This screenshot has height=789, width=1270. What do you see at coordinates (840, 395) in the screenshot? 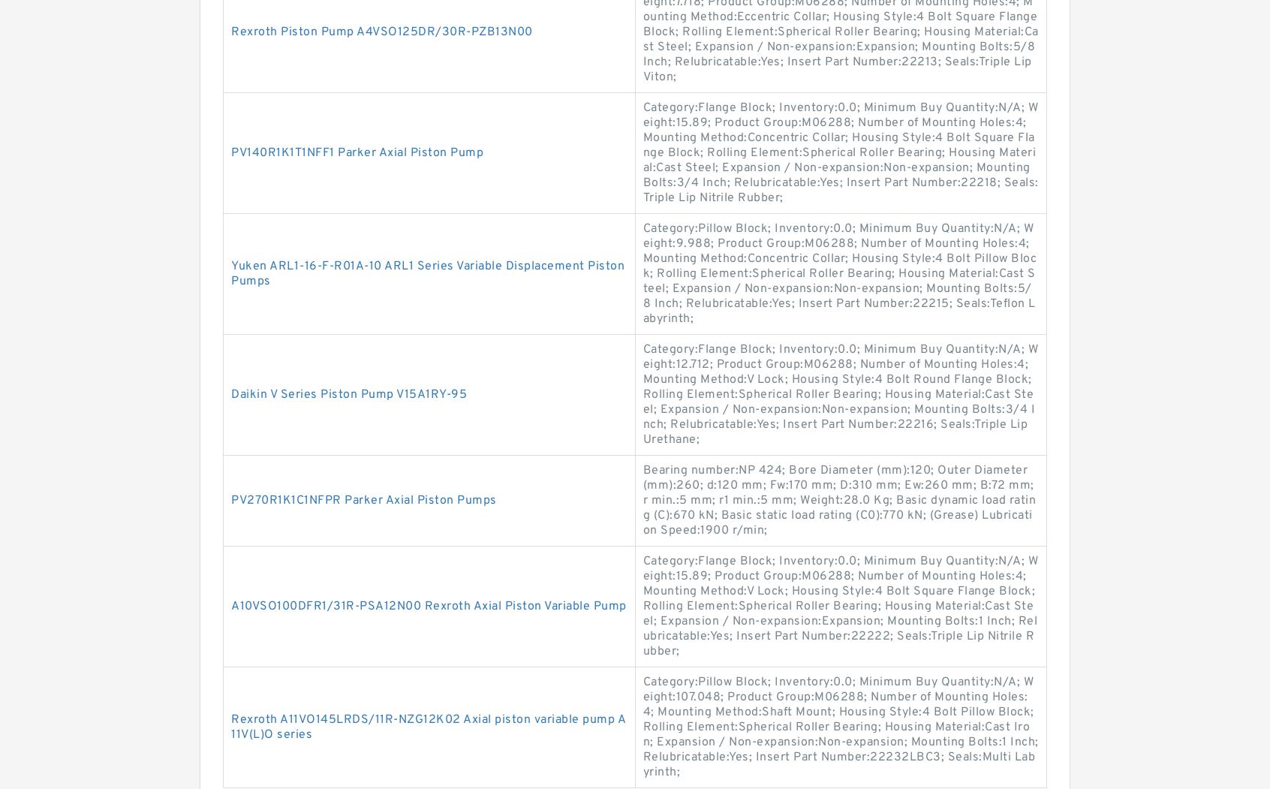
I see `'Category:Flange Block; Inventory:0.0; Minimum Buy Quantity:N/A; Weight:12.712; Product Group:M06288; Number of Mounting Holes:4; Mounting Method:V Lock; Housing Style:4 Bolt Round Flange Block; Rolling Element:Spherical Roller Bearing; Housing Material:Cast Steel; Expansion / Non-expansion:Non-expansion; Mounting Bolts:3/4 Inch; Relubricatable:Yes; Insert Part Number:22216; Seals:Triple Lip Urethane;'` at bounding box center [840, 395].